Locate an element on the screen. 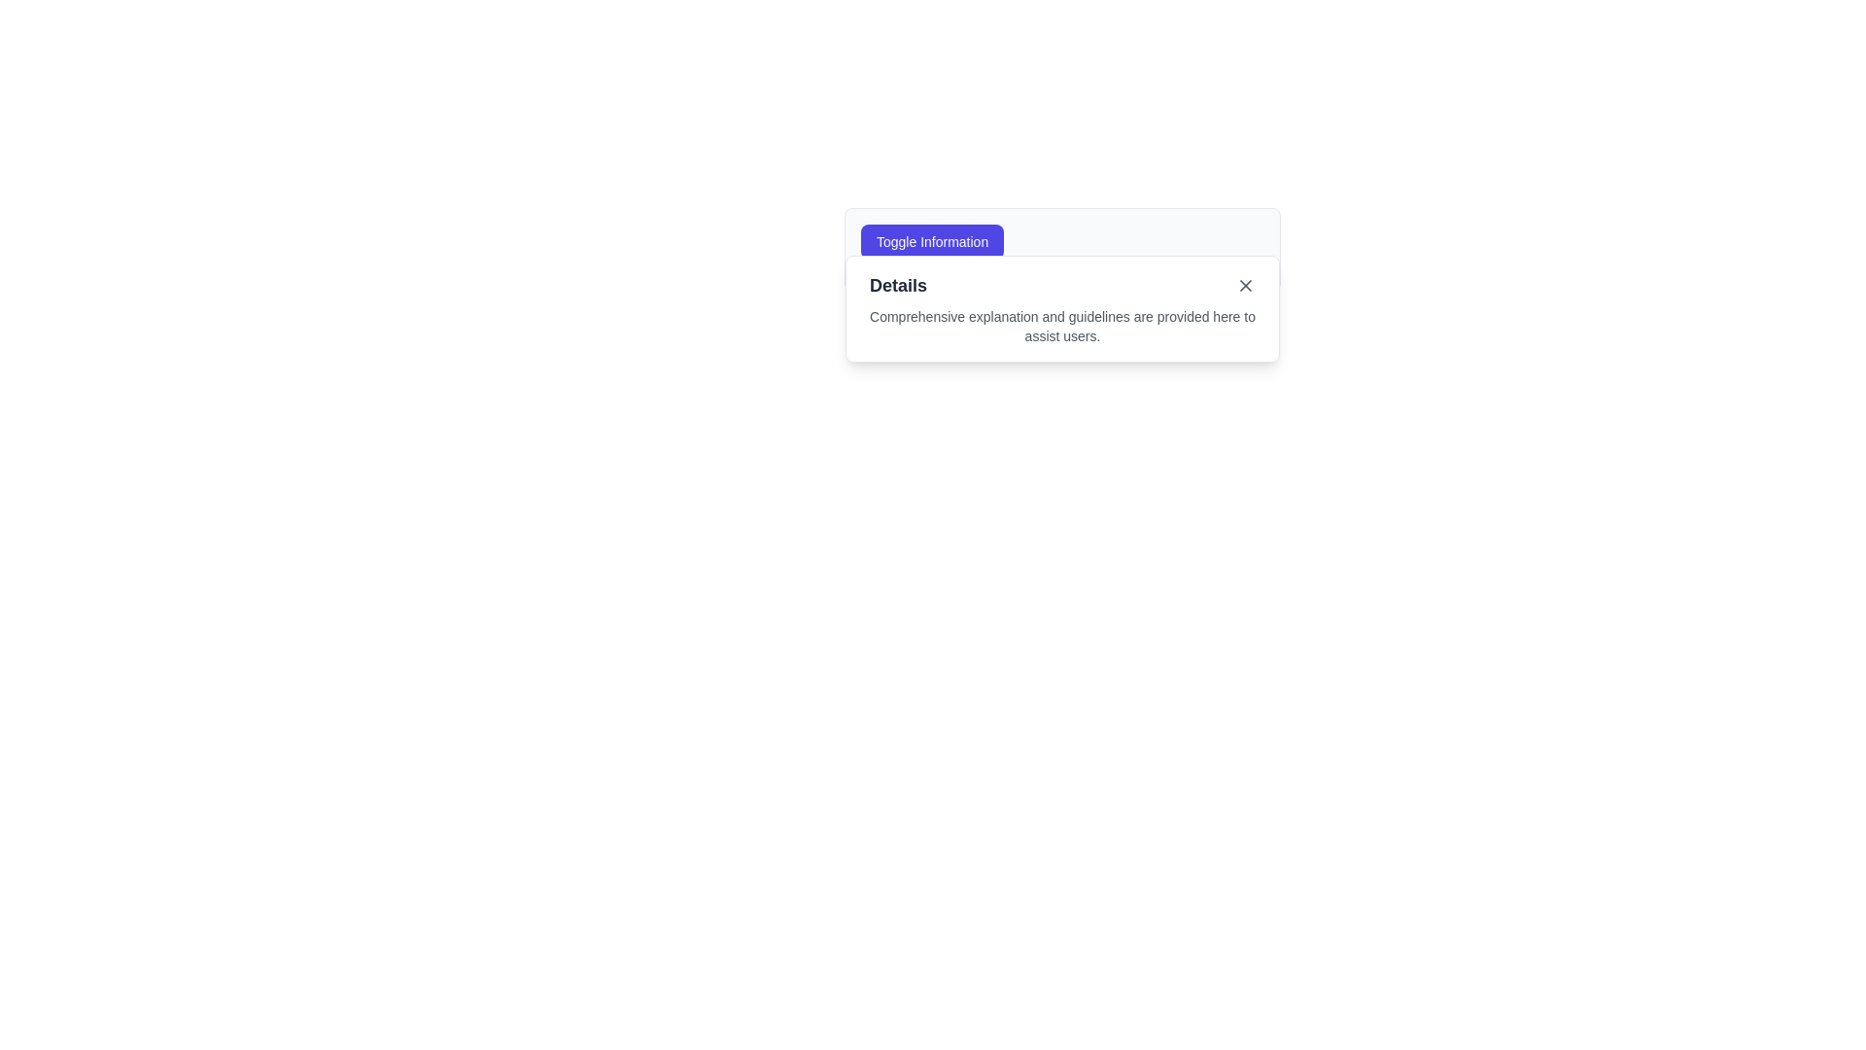 The height and width of the screenshot is (1050, 1866). informational text block of the card labeled 'Details', which has a dismiss button represented by an 'x' symbol in the top-right corner is located at coordinates (1061, 307).